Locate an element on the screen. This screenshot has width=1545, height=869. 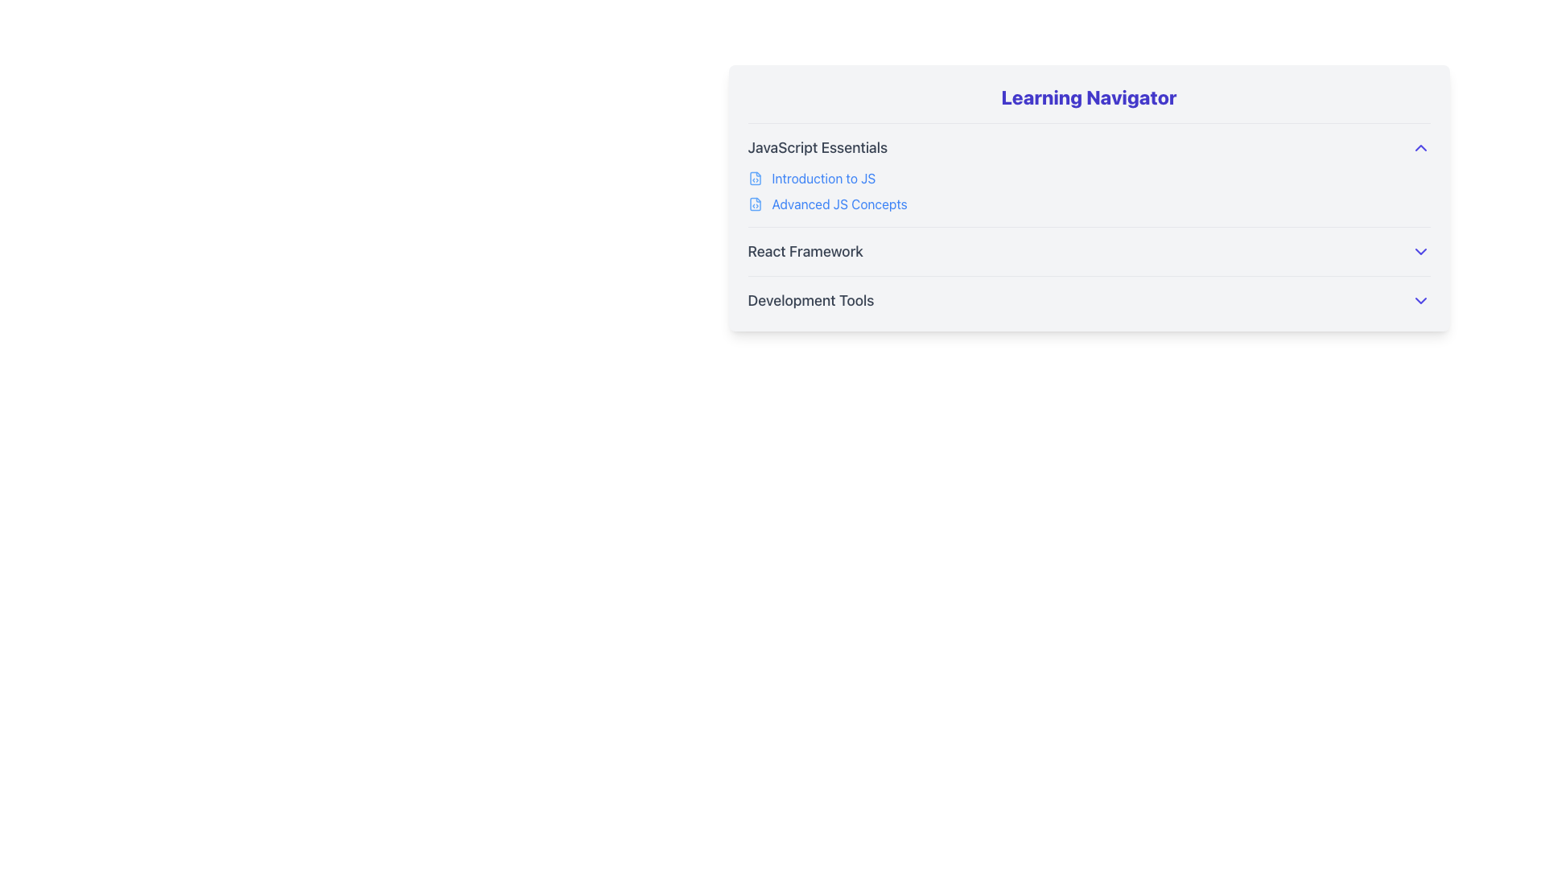
the static text element labeled 'React Framework', which is positioned under 'JavaScript Essentials' and above 'Development Tools' is located at coordinates (805, 251).